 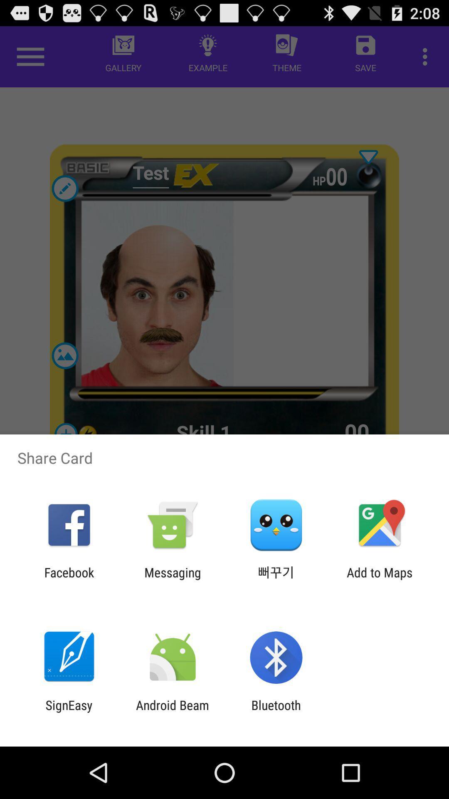 What do you see at coordinates (172, 712) in the screenshot?
I see `item to the left of the bluetooth app` at bounding box center [172, 712].